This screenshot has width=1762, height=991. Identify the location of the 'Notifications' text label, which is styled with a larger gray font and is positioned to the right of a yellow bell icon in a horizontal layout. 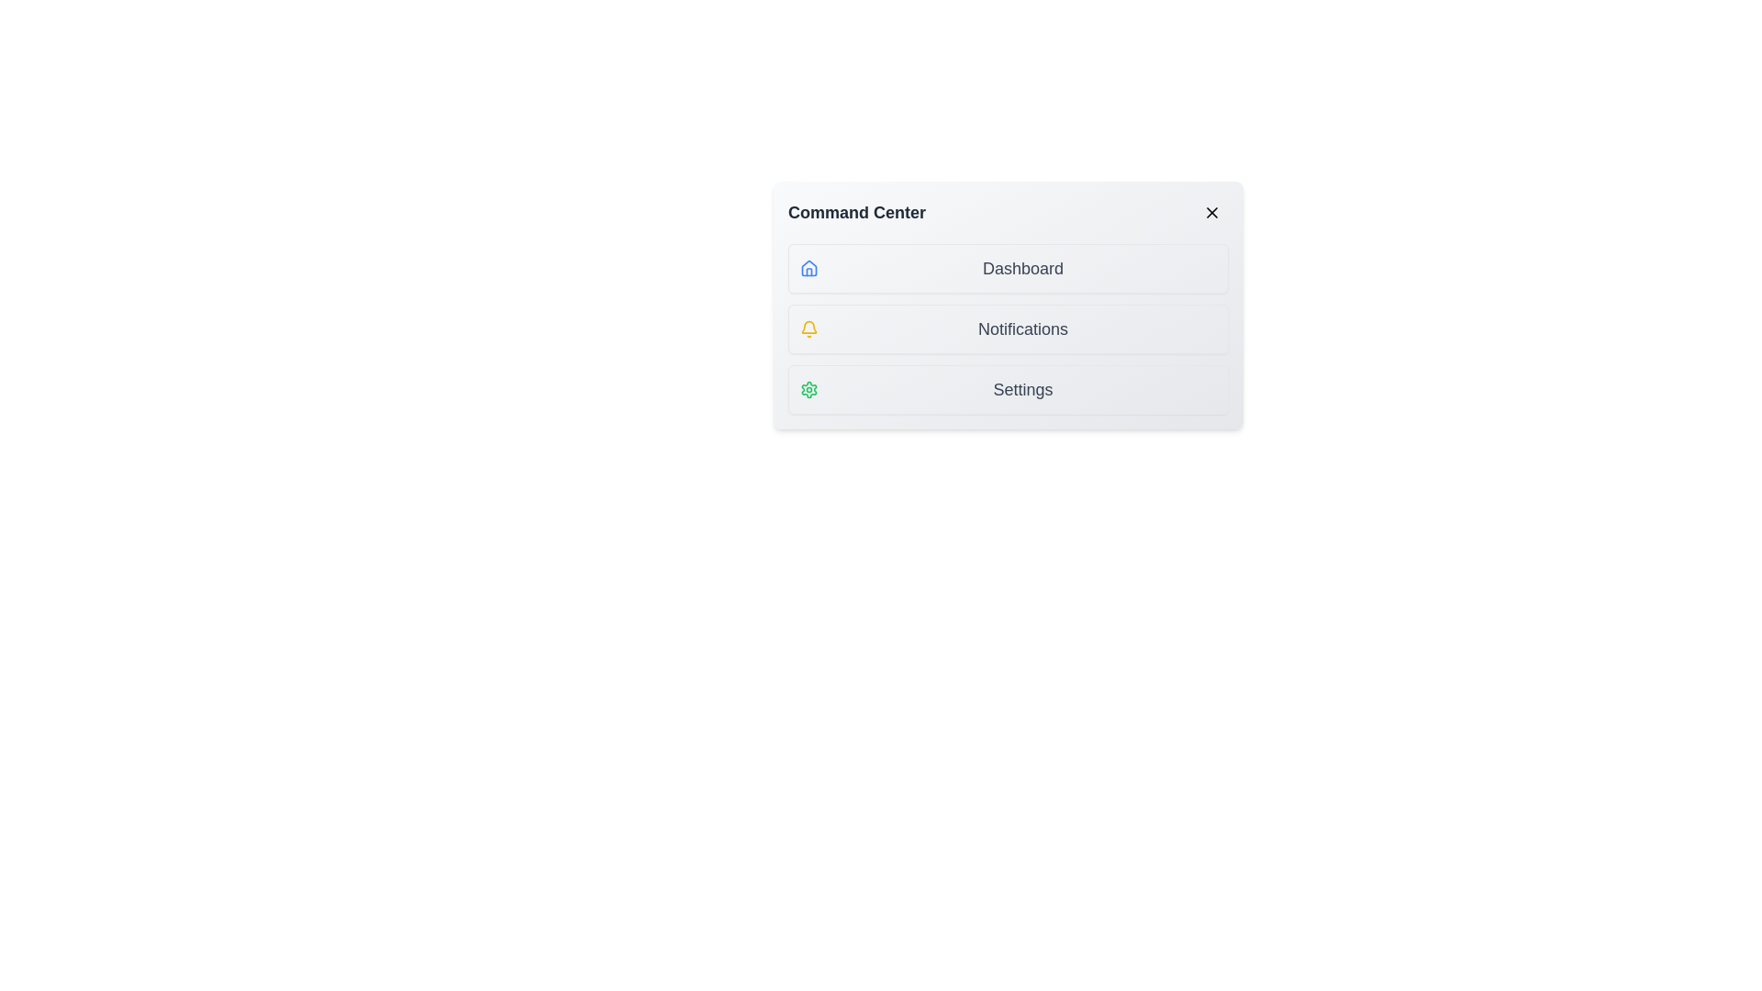
(1021, 328).